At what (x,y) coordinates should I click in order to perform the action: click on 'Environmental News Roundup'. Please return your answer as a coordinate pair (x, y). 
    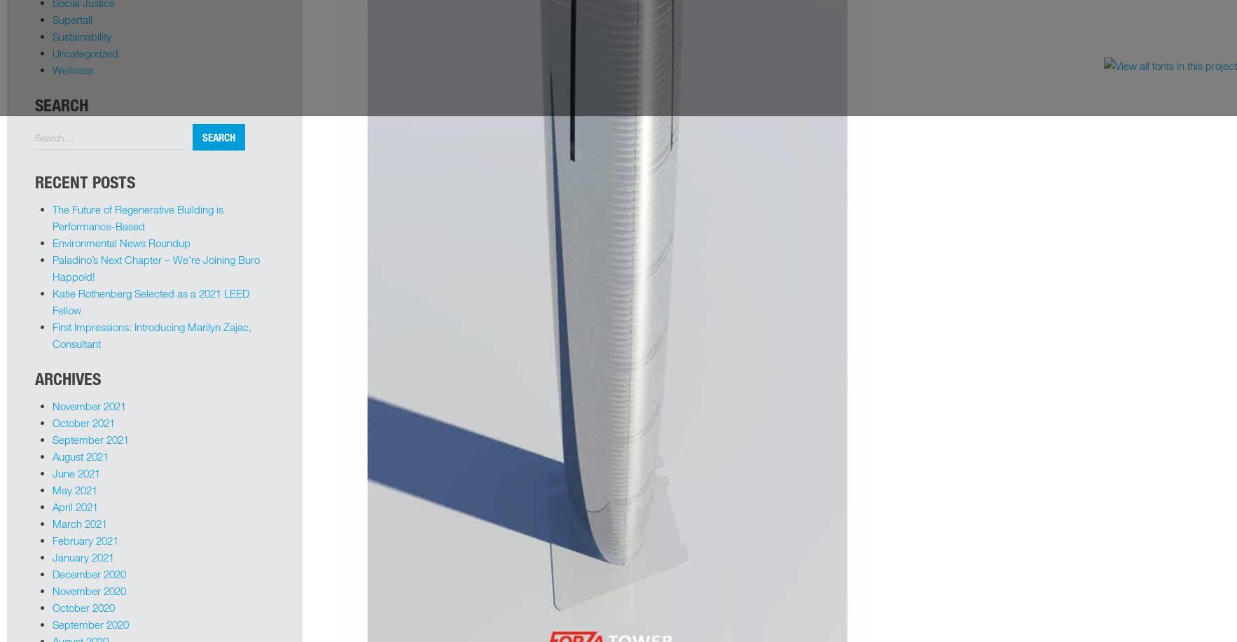
    Looking at the image, I should click on (120, 241).